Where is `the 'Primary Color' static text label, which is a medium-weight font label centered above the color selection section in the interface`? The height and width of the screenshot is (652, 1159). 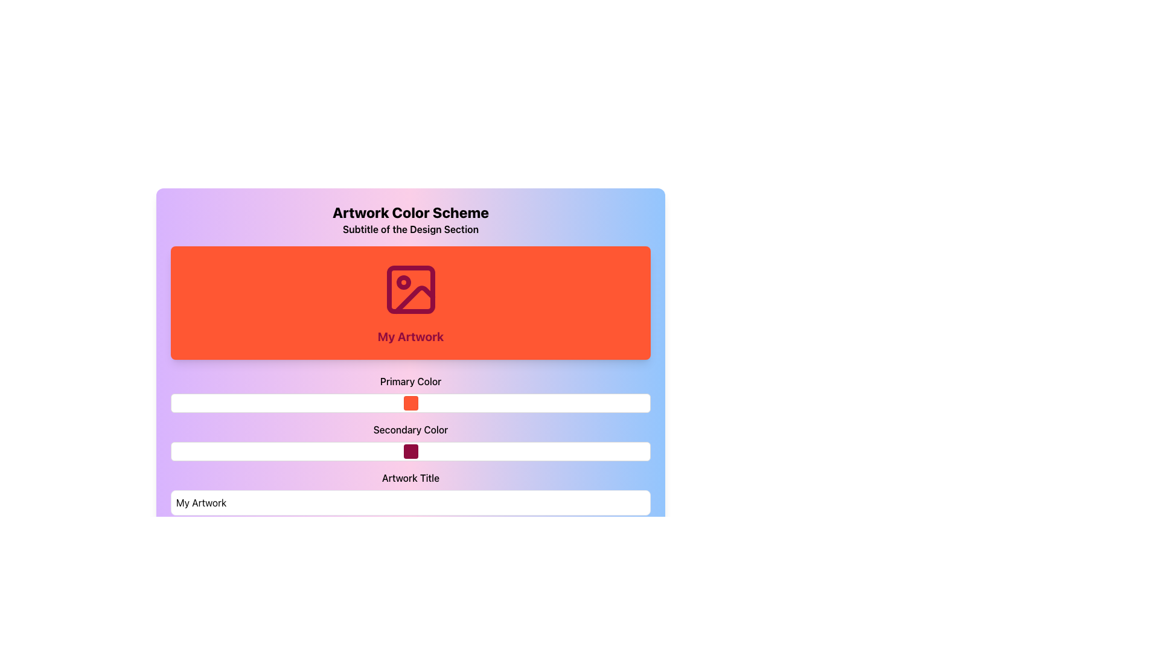
the 'Primary Color' static text label, which is a medium-weight font label centered above the color selection section in the interface is located at coordinates (410, 382).